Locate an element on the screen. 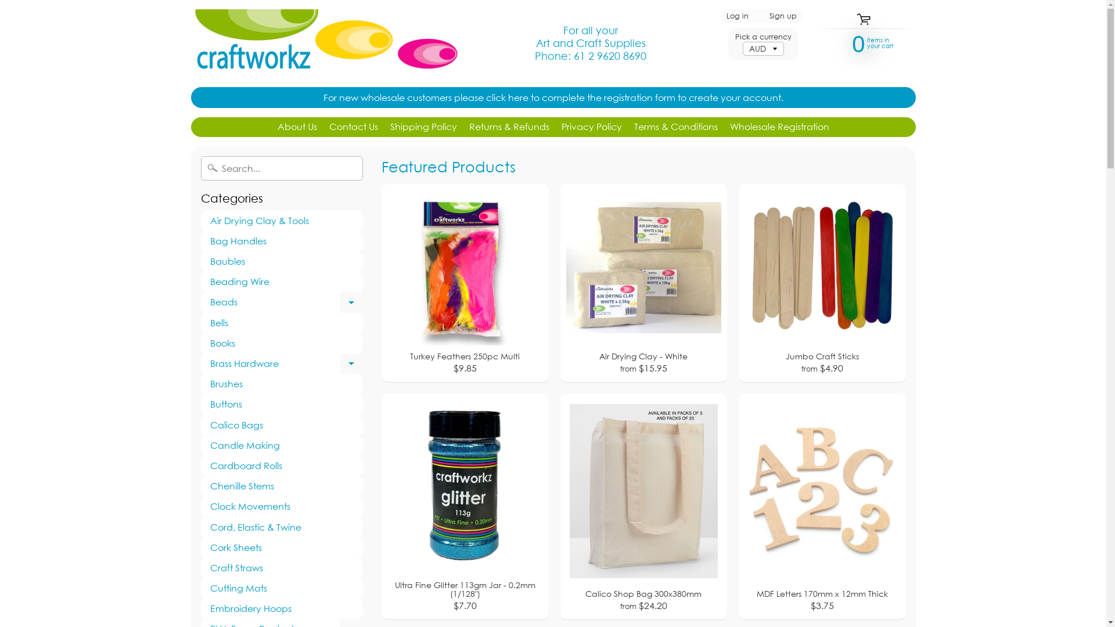  'Beading Wire' is located at coordinates (282, 282).